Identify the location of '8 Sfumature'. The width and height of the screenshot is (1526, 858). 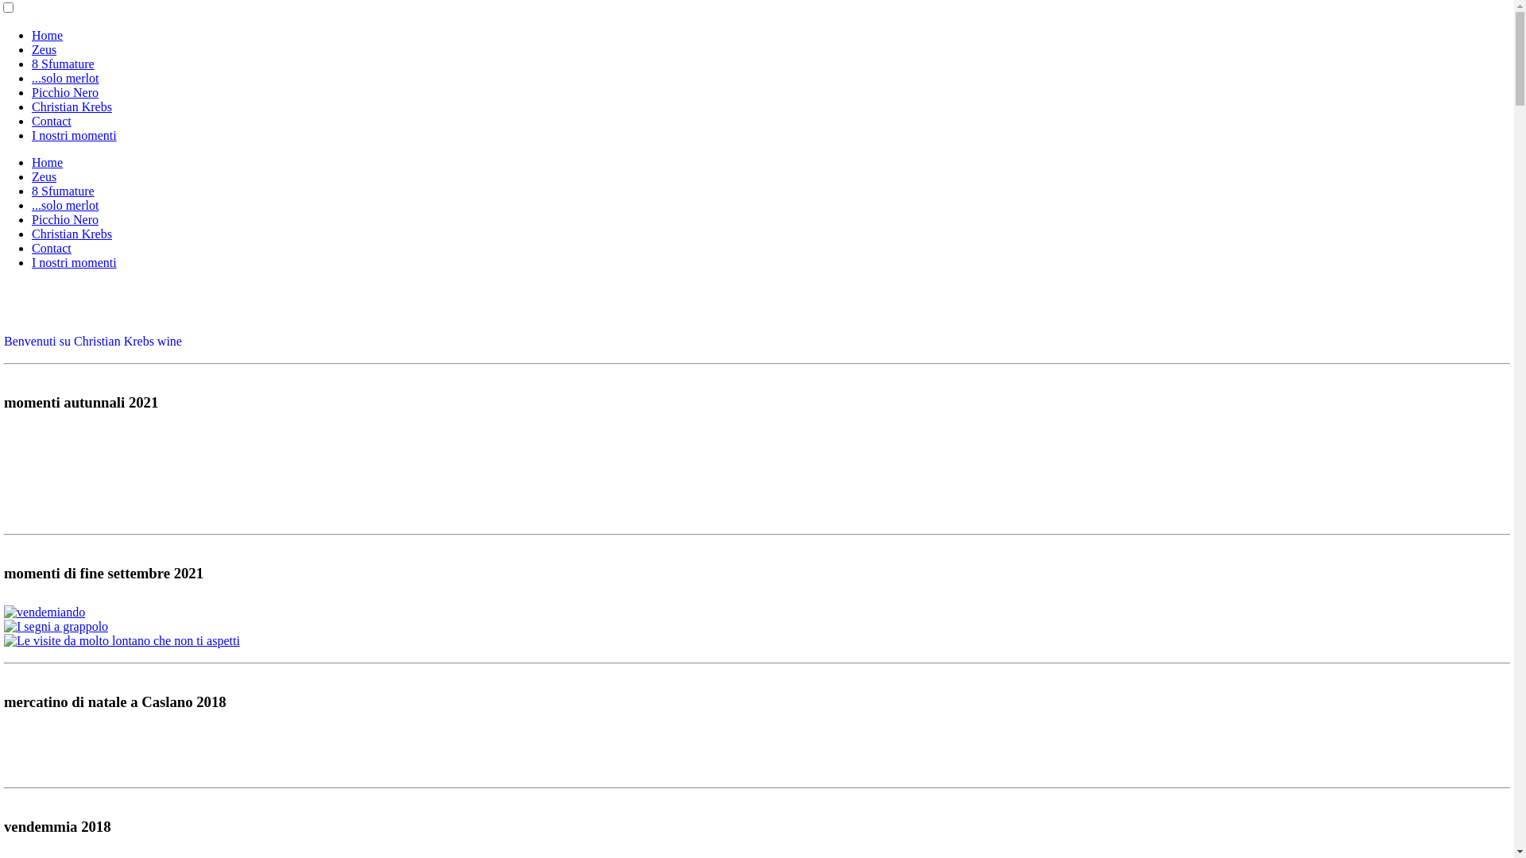
(31, 190).